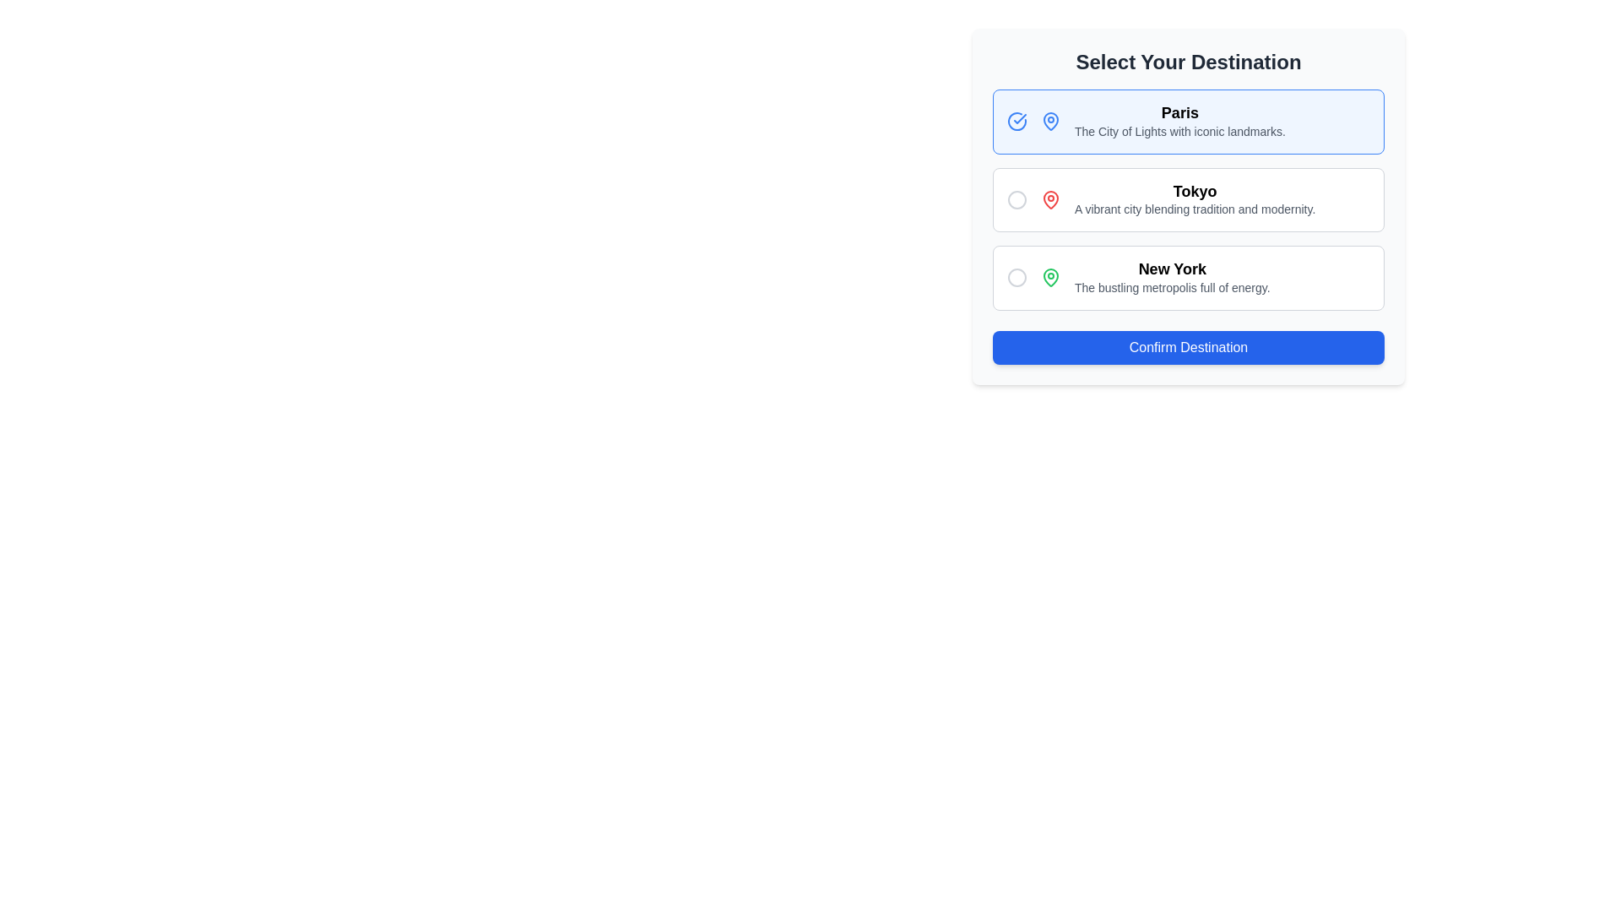 The image size is (1621, 912). What do you see at coordinates (1187, 120) in the screenshot?
I see `the first card in the vertical list of destination options` at bounding box center [1187, 120].